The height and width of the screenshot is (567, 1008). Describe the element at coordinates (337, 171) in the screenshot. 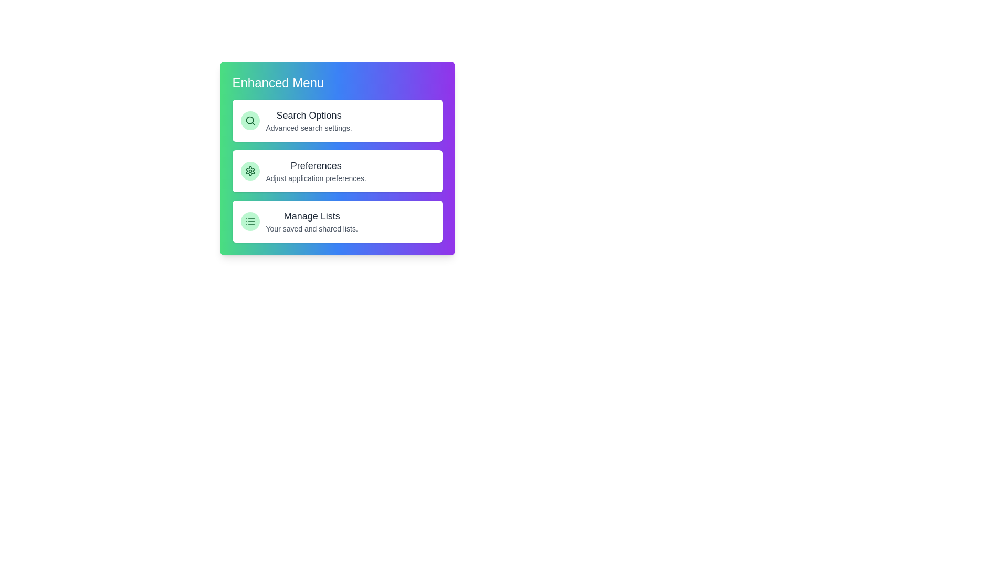

I see `the menu item titled Preferences from the StyledMenu` at that location.